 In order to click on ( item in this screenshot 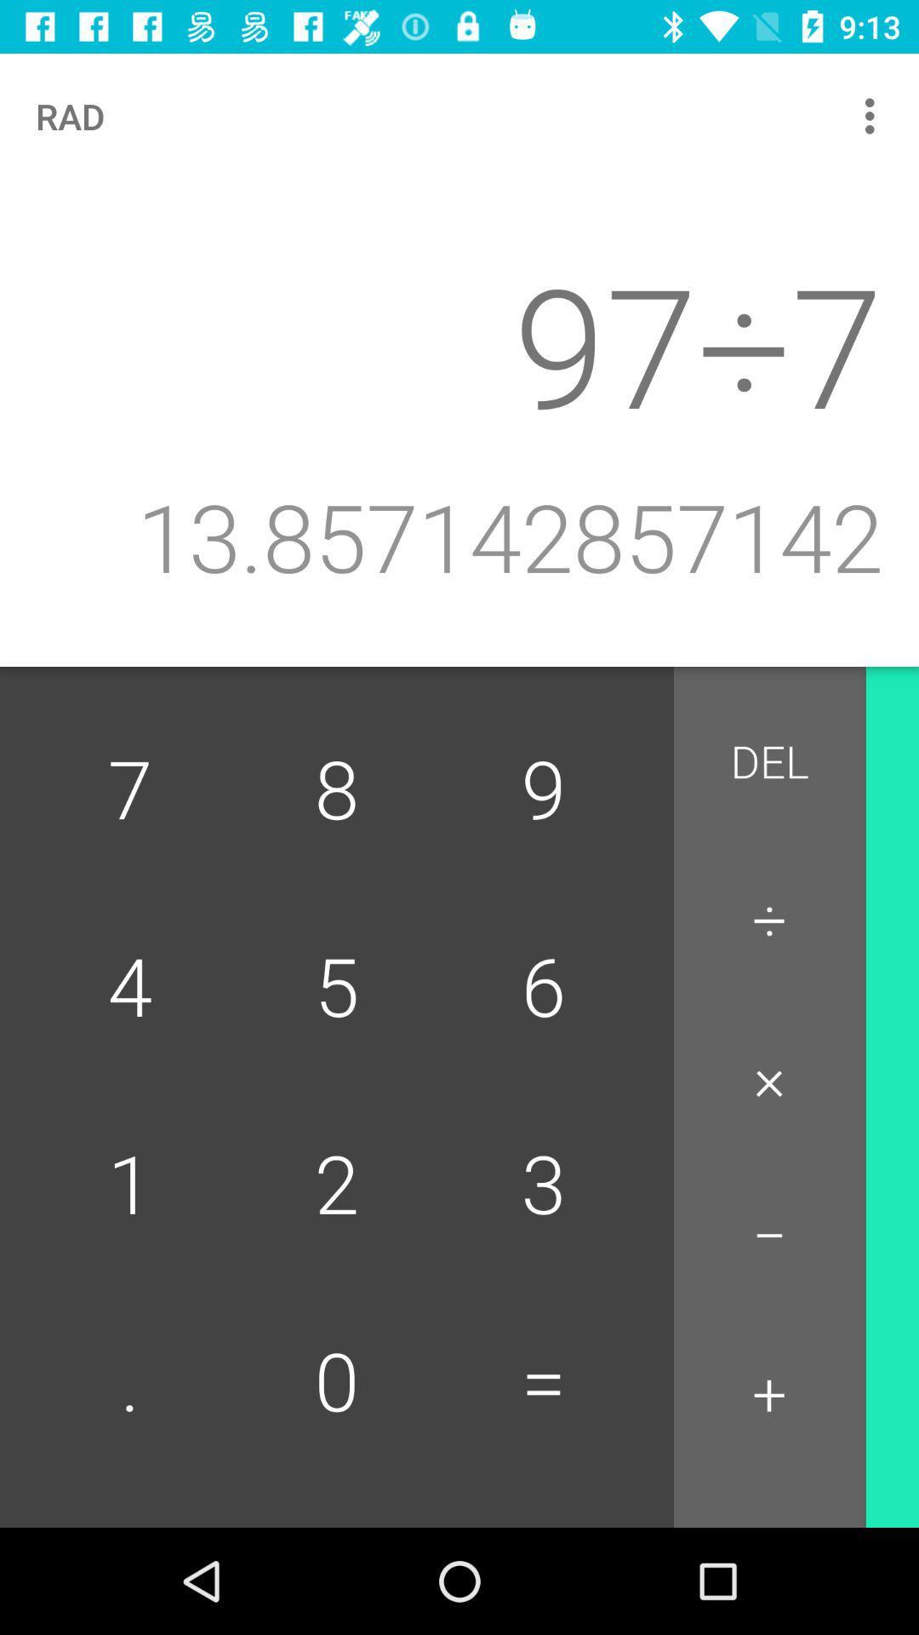, I will do `click(914, 1403)`.